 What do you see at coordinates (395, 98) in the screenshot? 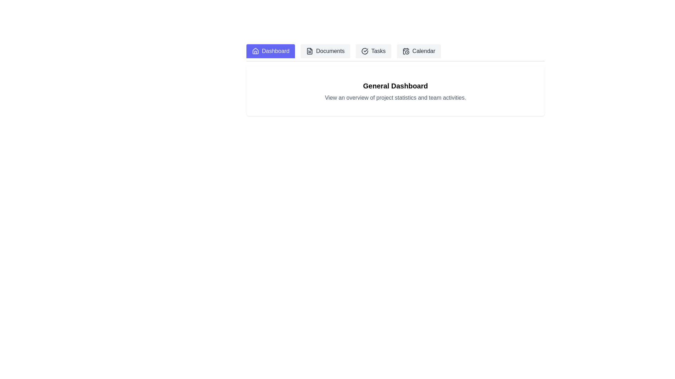
I see `the static text component that provides an overview of the 'General Dashboard' section, located below the heading 'General Dashboard'` at bounding box center [395, 98].